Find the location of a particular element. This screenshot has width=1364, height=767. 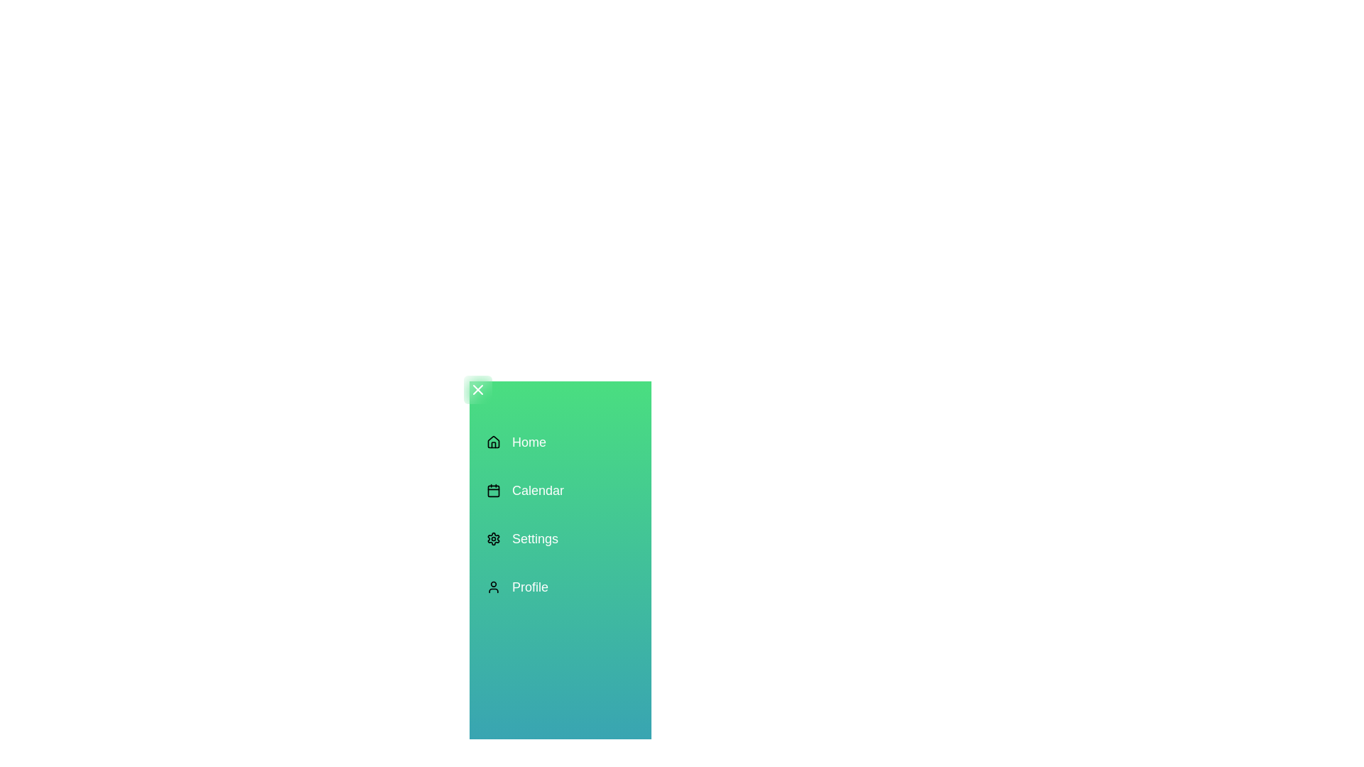

the 'Profile' menu item icon located on the left-side menu interface, positioned below the 'Settings' menu item icon is located at coordinates (494, 587).